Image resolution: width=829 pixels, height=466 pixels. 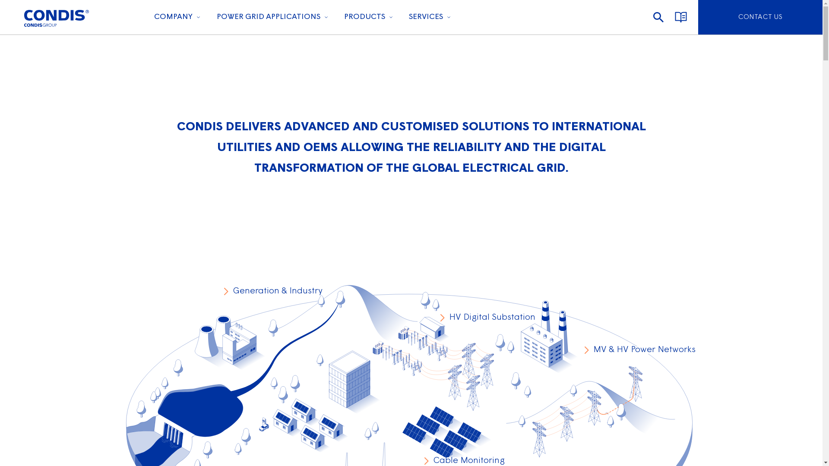 I want to click on 'CONTACT US', so click(x=760, y=17).